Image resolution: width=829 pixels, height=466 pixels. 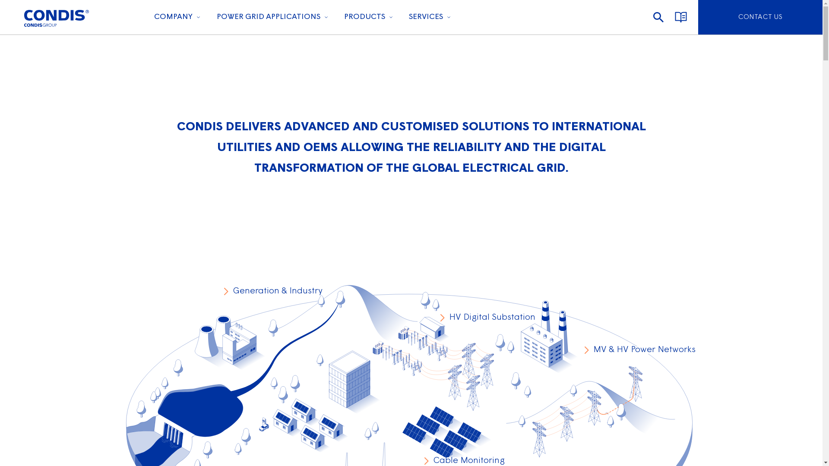 I want to click on 'CONTACT US', so click(x=760, y=17).